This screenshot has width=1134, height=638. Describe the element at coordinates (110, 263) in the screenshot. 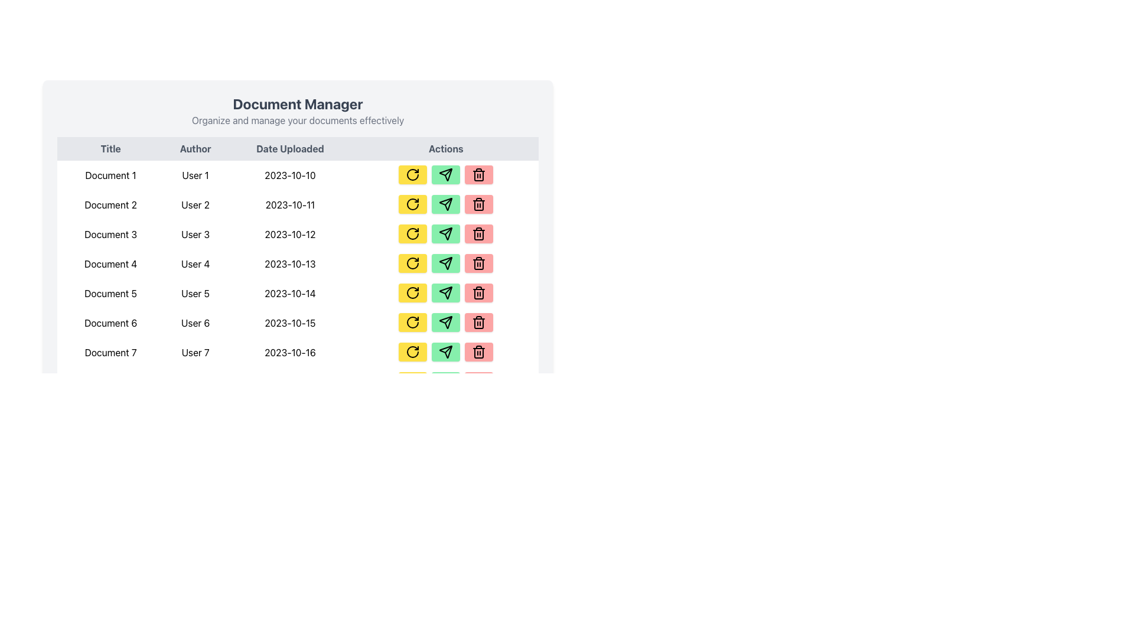

I see `the textual component displaying 'Document 4', located in the first column under the 'Title' header in the fourth row of a table` at that location.